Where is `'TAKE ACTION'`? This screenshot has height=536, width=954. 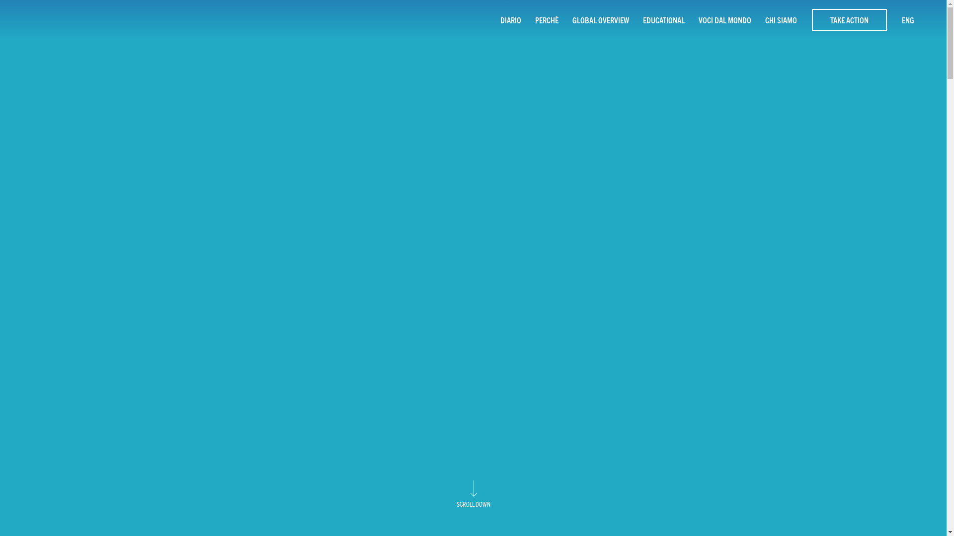 'TAKE ACTION' is located at coordinates (813, 19).